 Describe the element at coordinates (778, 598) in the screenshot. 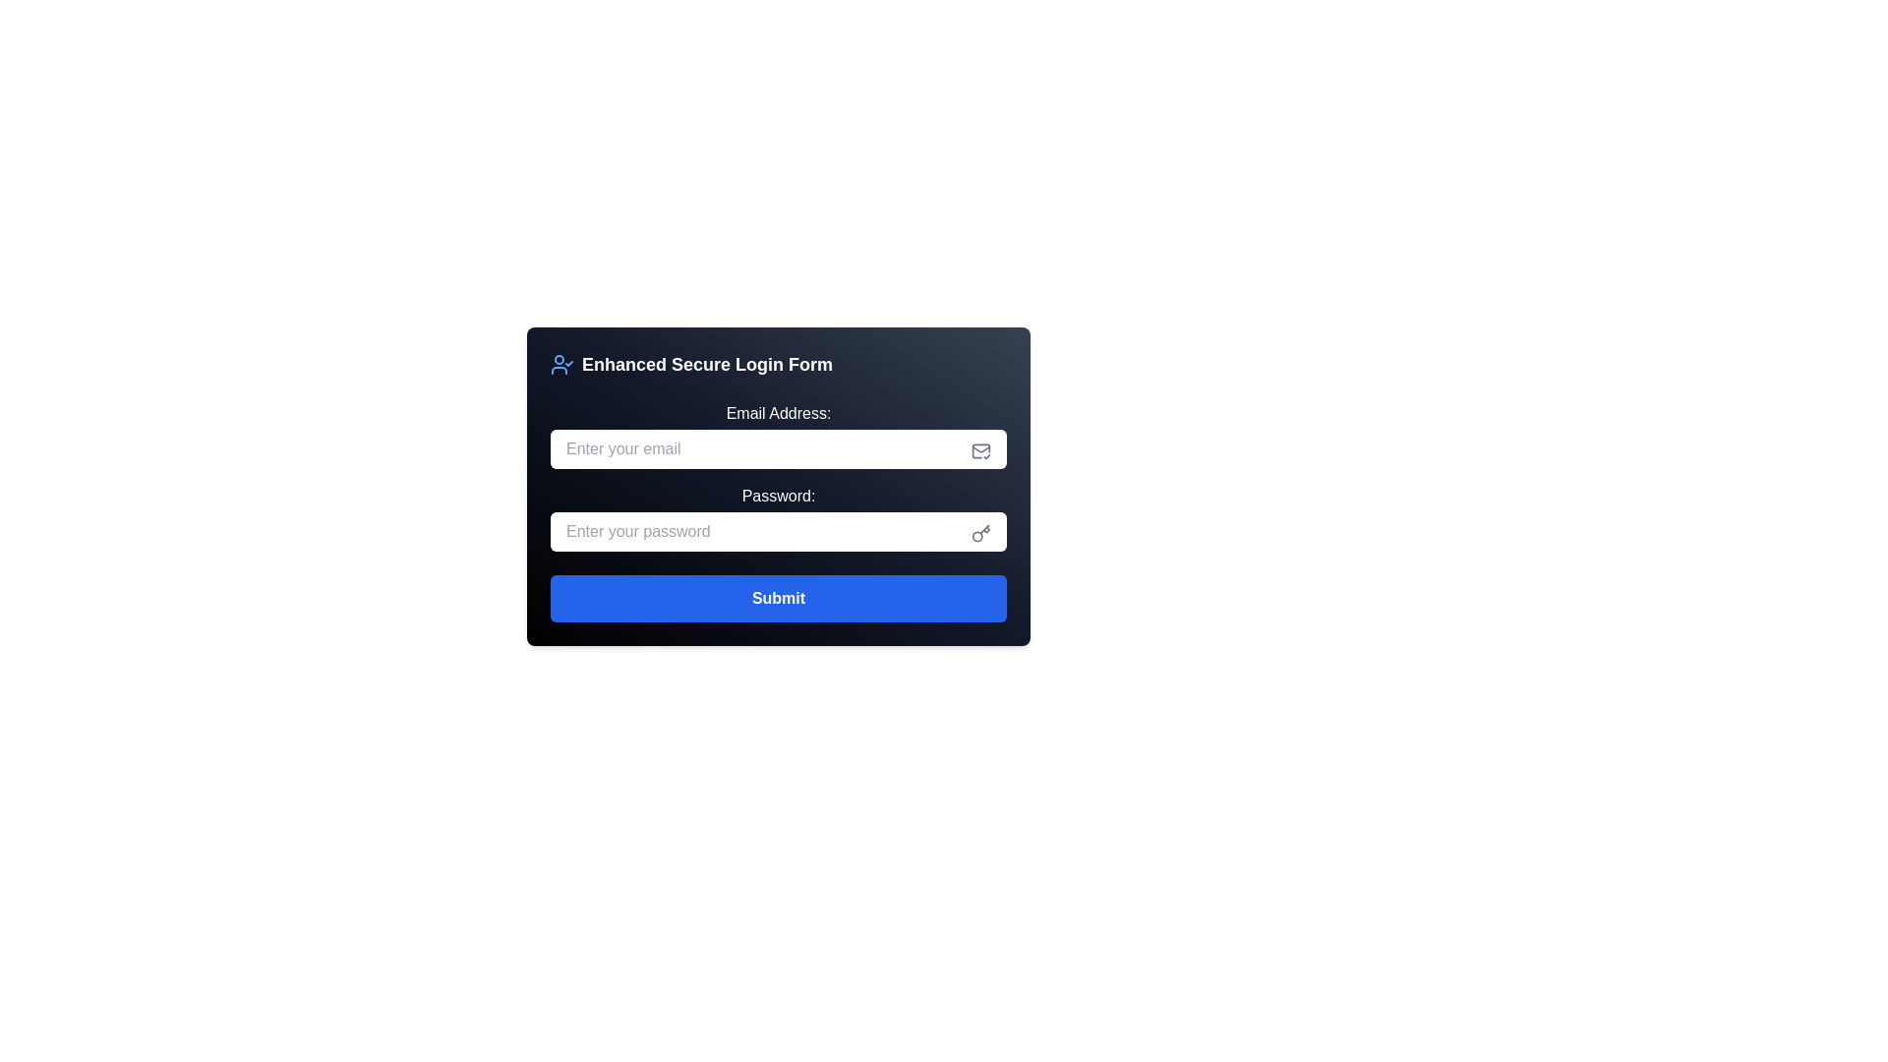

I see `the submission button located at the base of the login panel` at that location.